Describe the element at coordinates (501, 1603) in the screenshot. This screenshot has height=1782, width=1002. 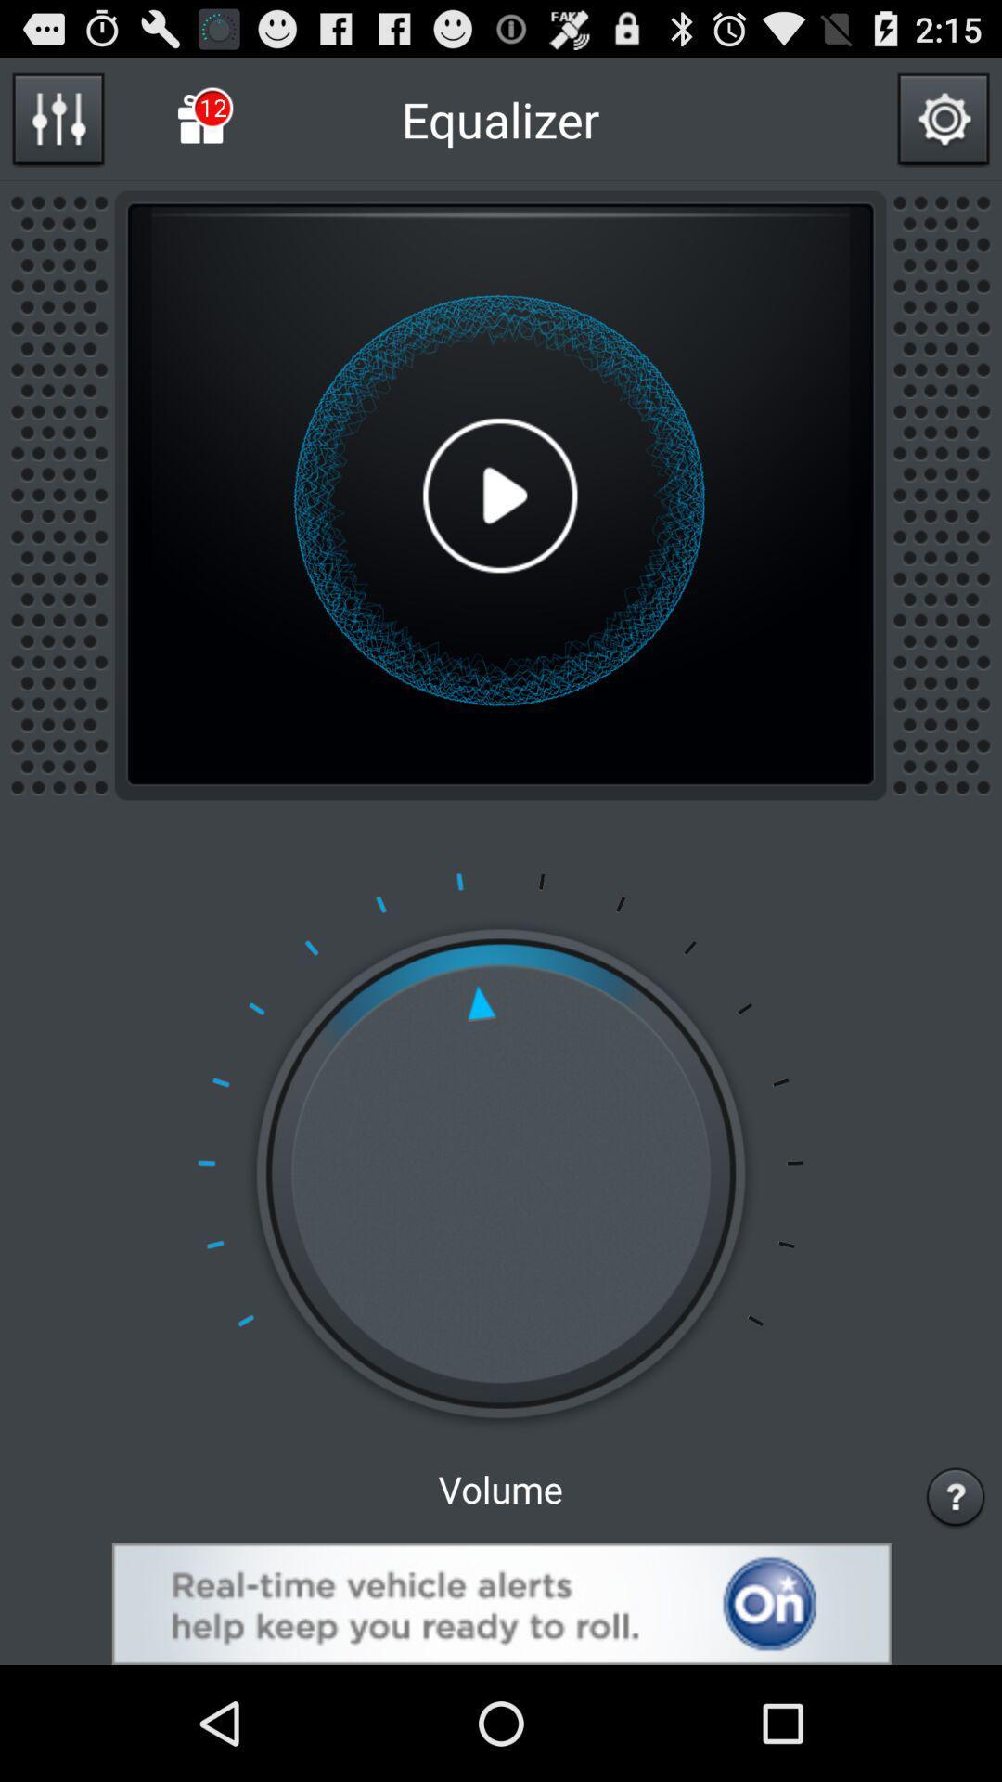
I see `on key` at that location.